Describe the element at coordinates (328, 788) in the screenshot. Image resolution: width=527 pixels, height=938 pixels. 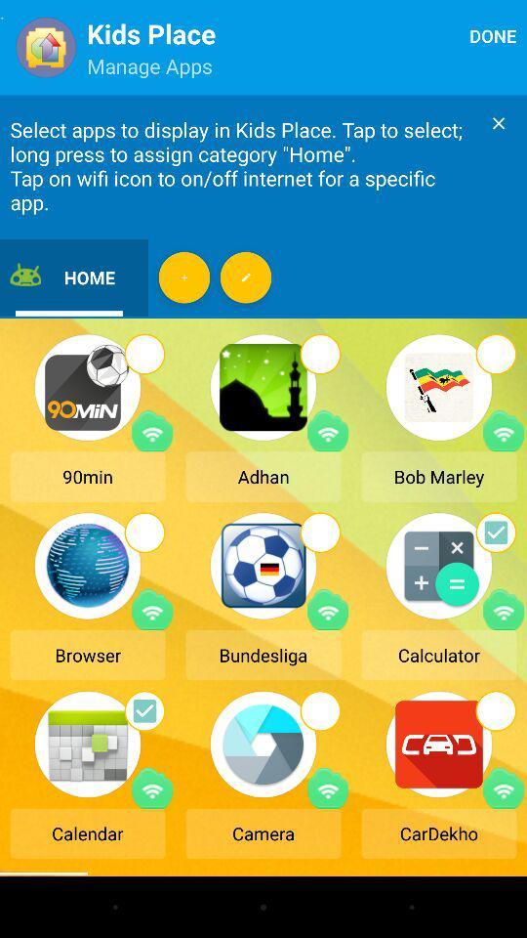
I see `wifi button` at that location.